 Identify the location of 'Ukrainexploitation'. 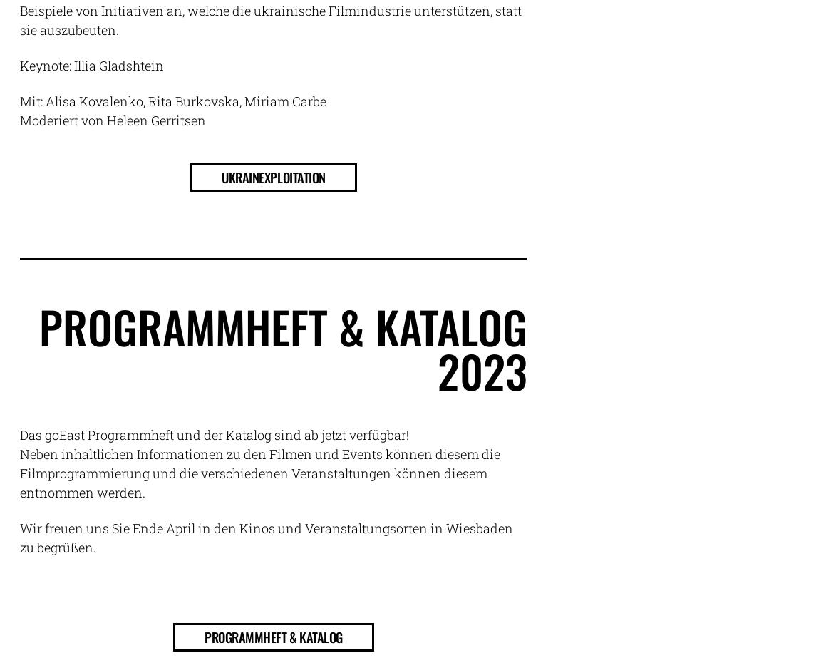
(221, 177).